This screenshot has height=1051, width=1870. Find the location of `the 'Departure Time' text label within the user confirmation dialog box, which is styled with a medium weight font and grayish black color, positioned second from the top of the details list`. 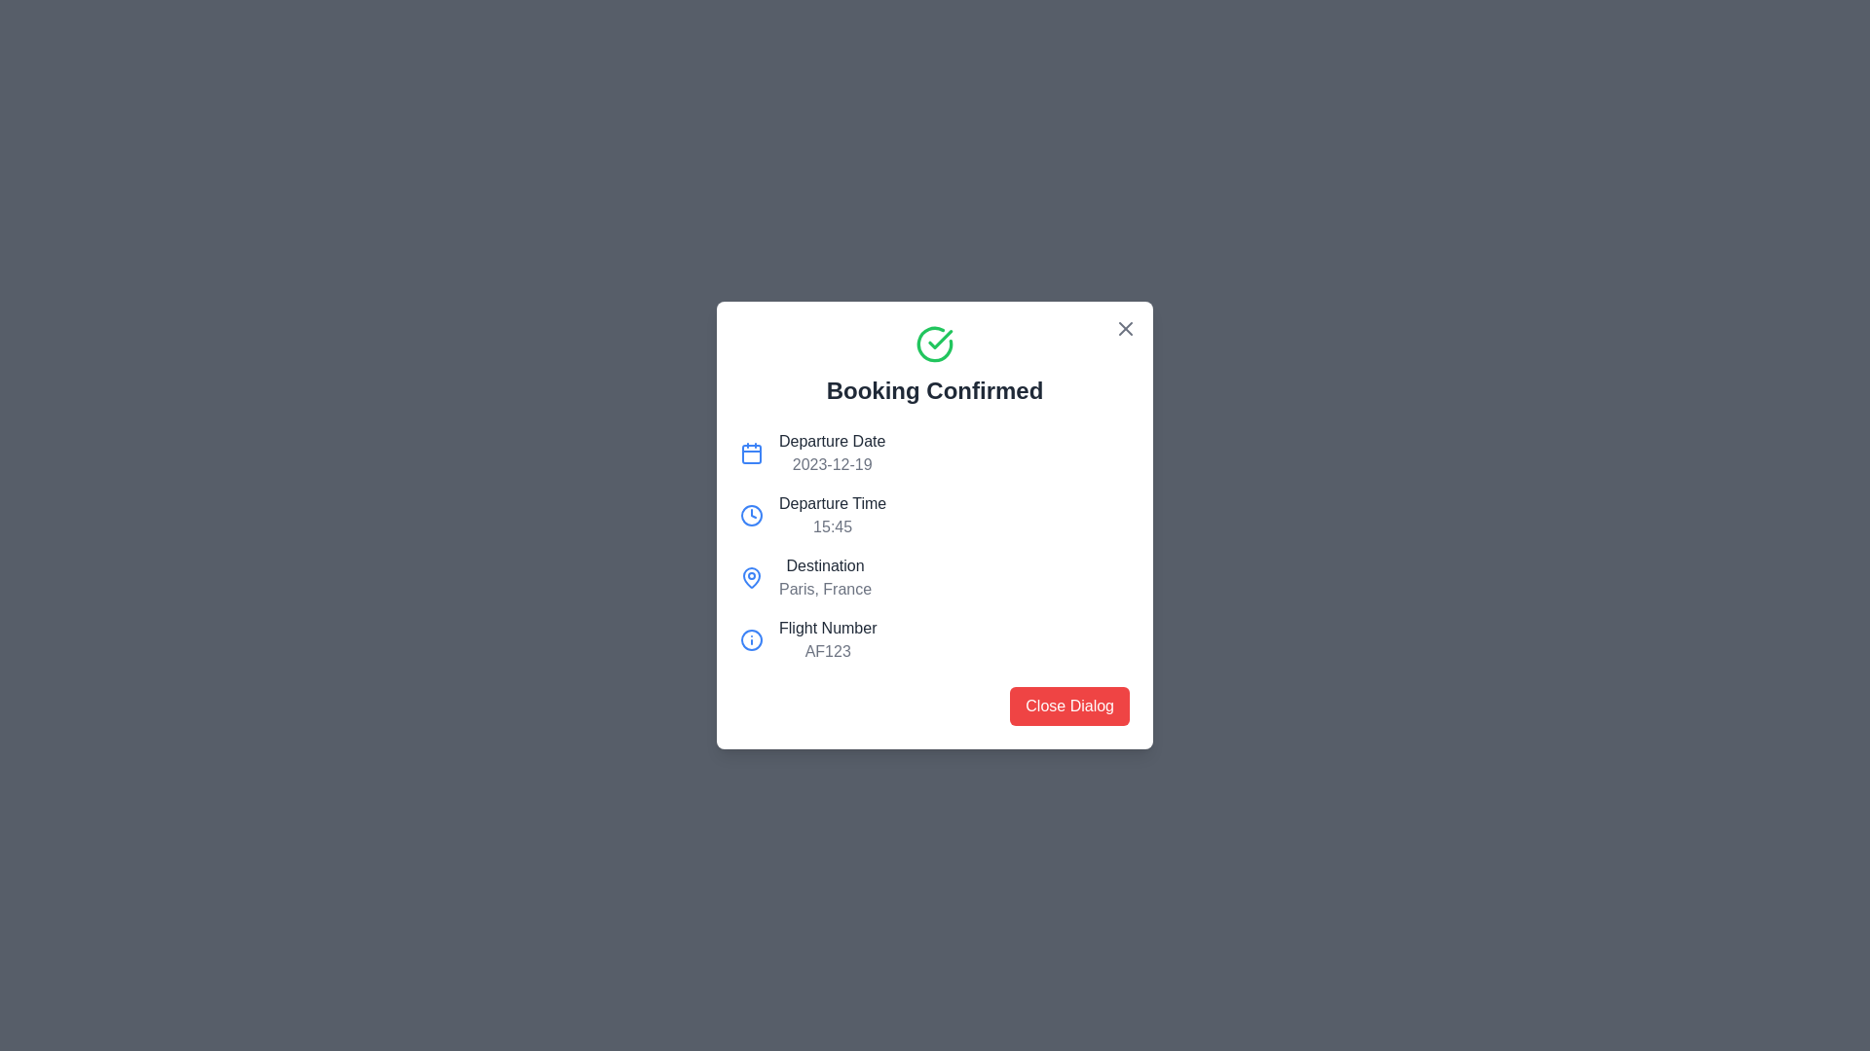

the 'Departure Time' text label within the user confirmation dialog box, which is styled with a medium weight font and grayish black color, positioned second from the top of the details list is located at coordinates (833, 502).